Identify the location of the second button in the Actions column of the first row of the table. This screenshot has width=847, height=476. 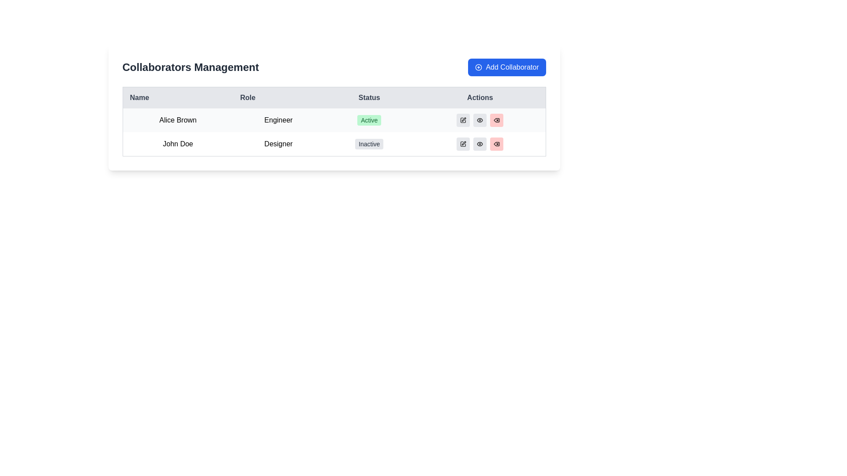
(480, 120).